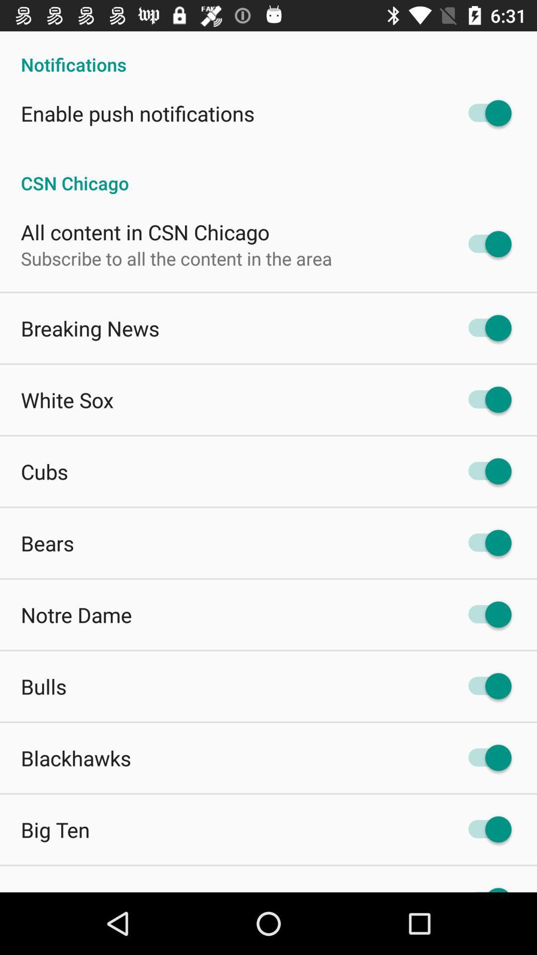  I want to click on bears icon, so click(47, 542).